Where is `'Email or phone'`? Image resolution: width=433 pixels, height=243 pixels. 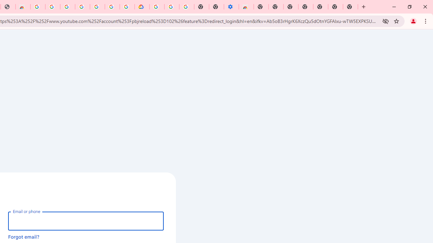
'Email or phone' is located at coordinates (86, 221).